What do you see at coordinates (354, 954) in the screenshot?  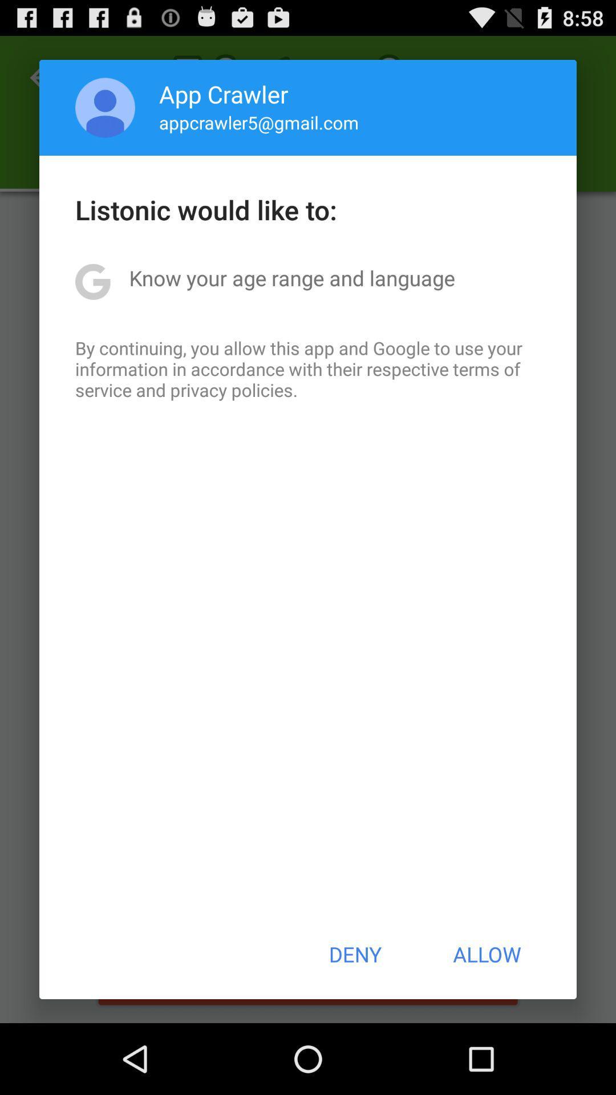 I see `icon below the by continuing you icon` at bounding box center [354, 954].